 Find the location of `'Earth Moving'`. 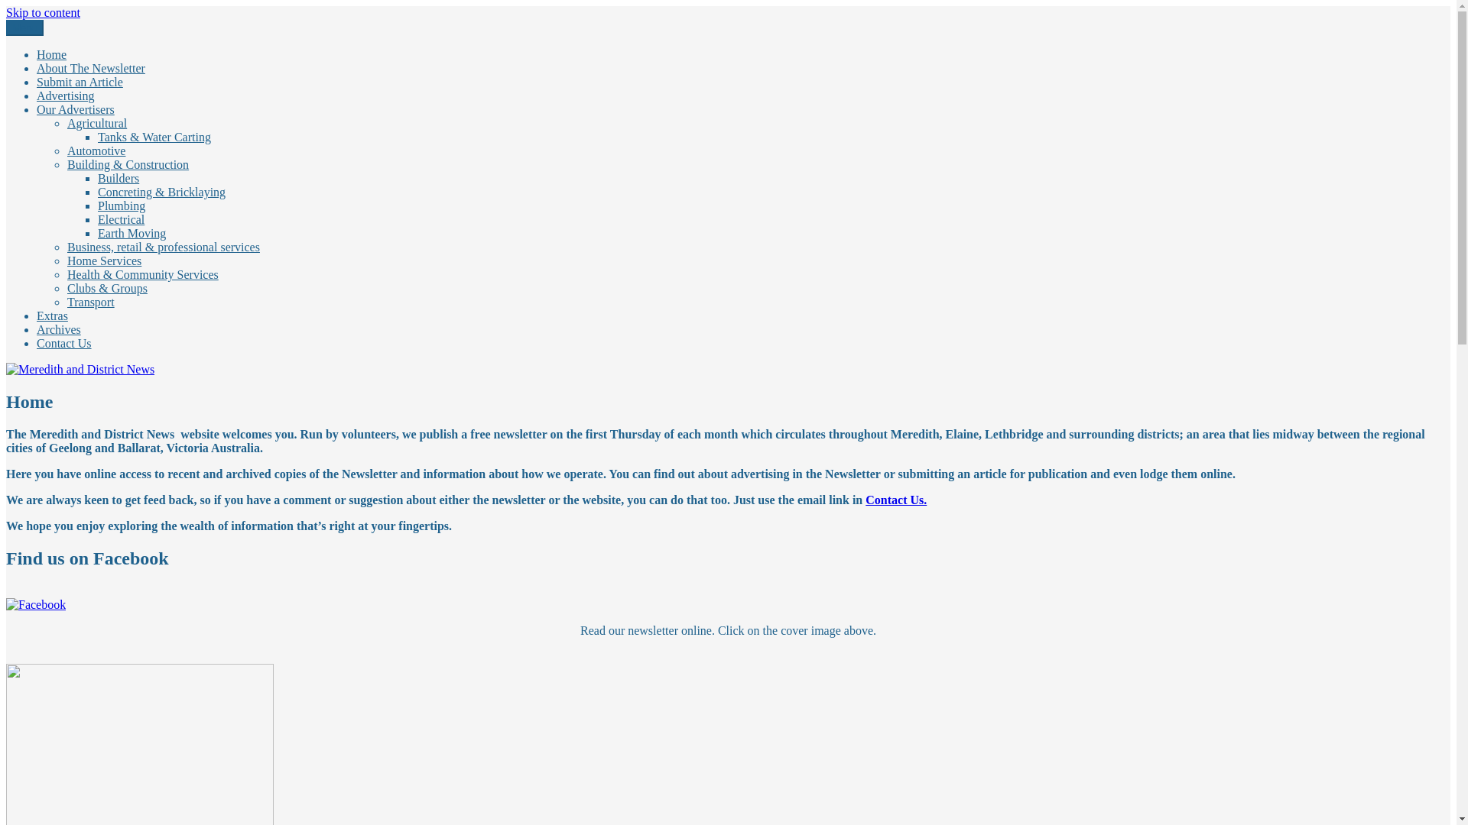

'Earth Moving' is located at coordinates (132, 233).